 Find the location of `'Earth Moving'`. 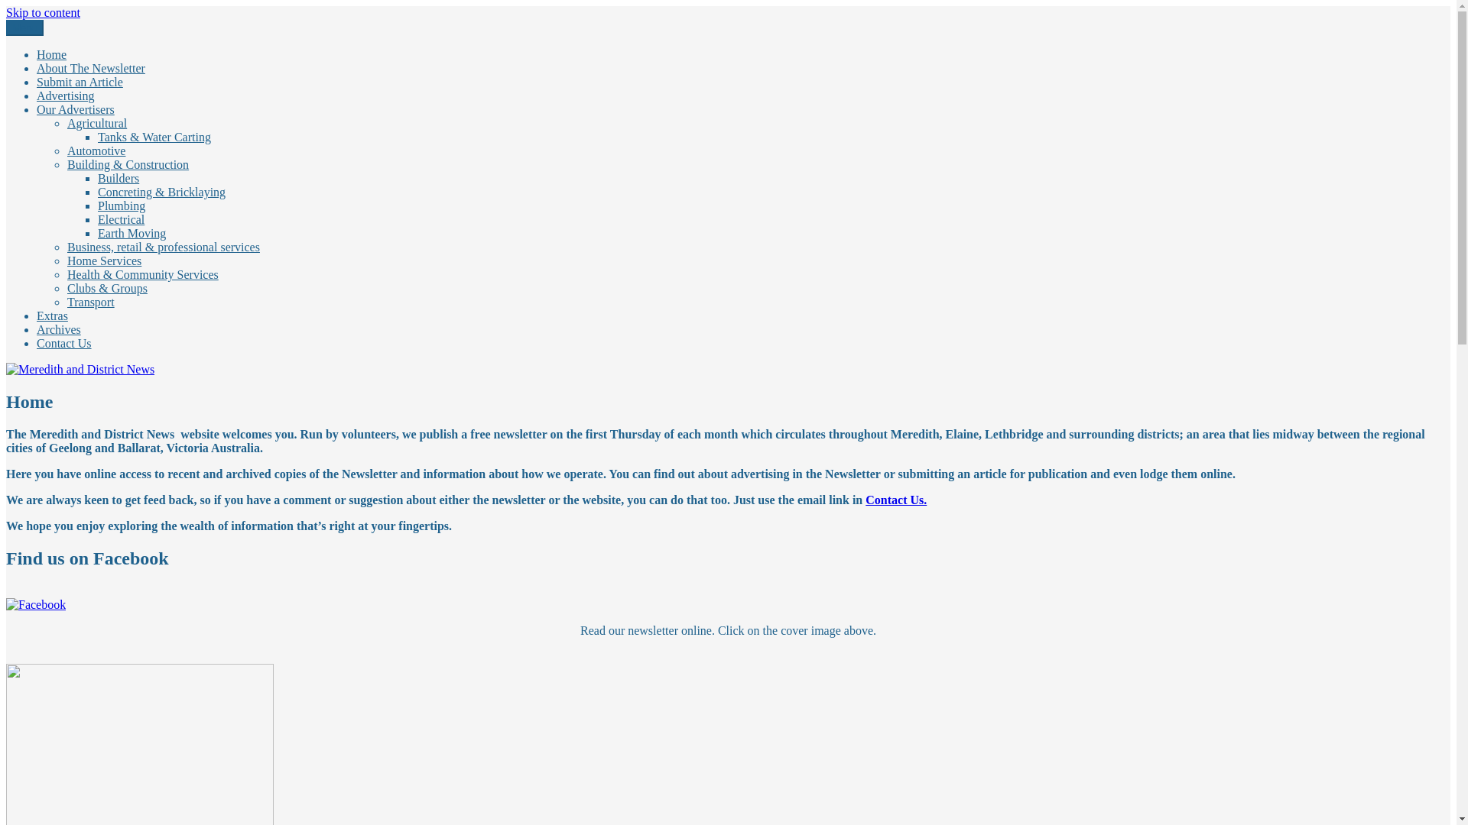

'Earth Moving' is located at coordinates (132, 233).